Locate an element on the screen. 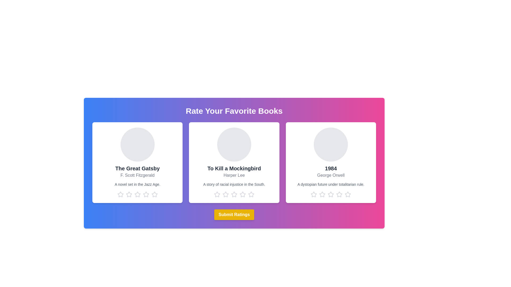  the star corresponding to 3 stars for the book titled 1984 is located at coordinates (331, 195).